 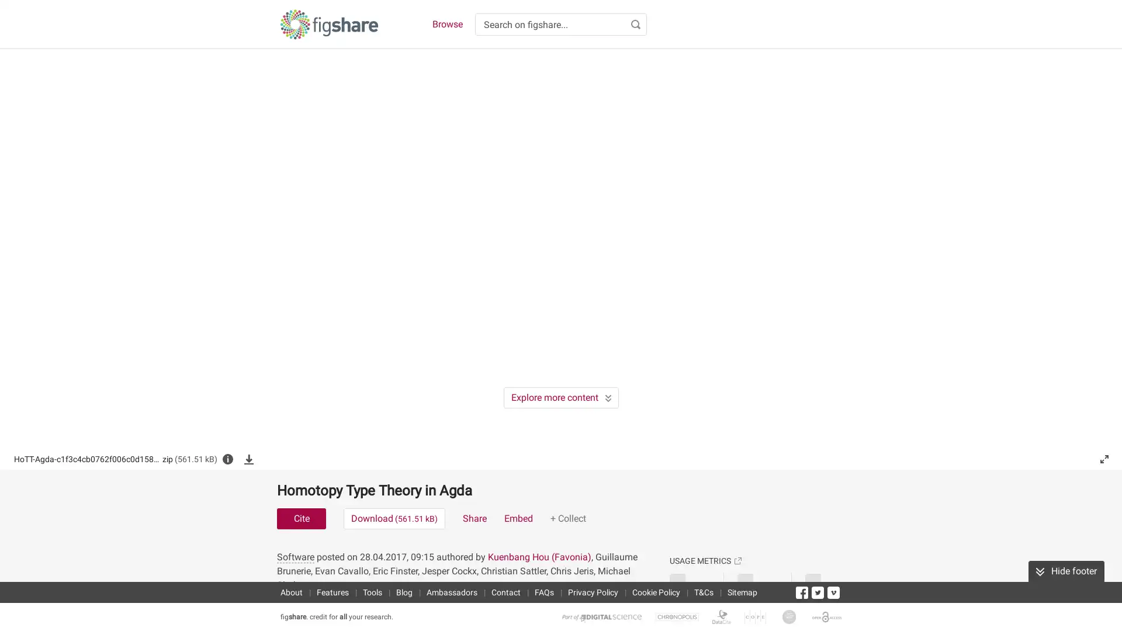 What do you see at coordinates (1066, 571) in the screenshot?
I see `Hide footer` at bounding box center [1066, 571].